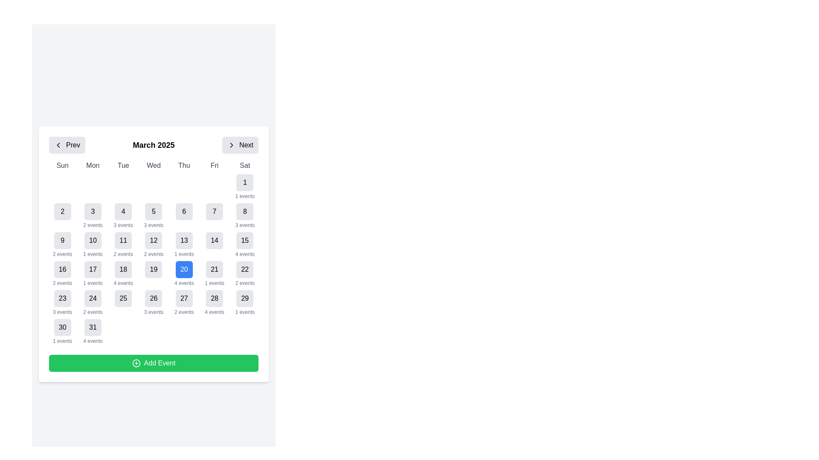 The image size is (819, 460). What do you see at coordinates (123, 187) in the screenshot?
I see `the empty calendar cell located directly beneath 'Tue' in the top row of the calendar grid` at bounding box center [123, 187].